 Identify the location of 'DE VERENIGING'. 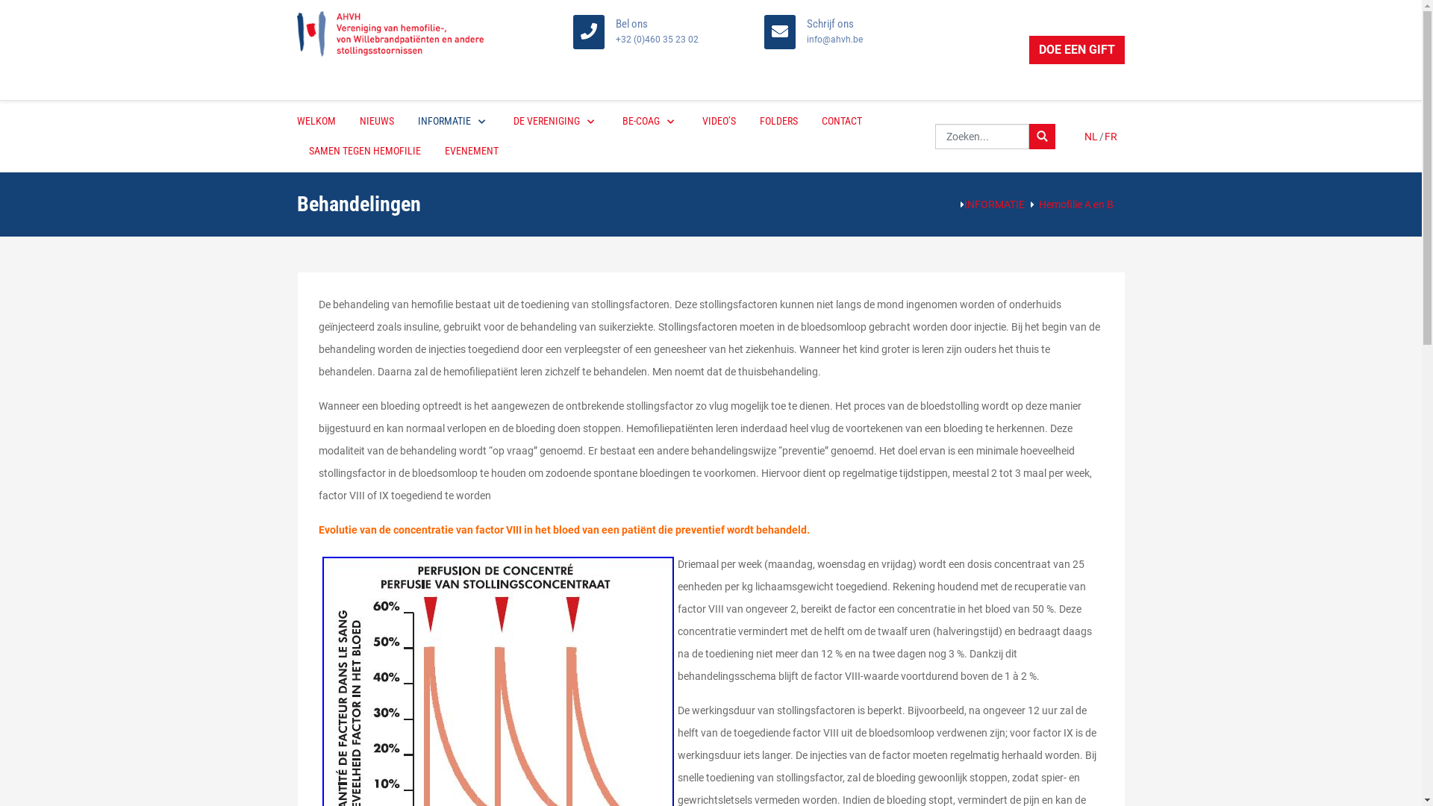
(555, 120).